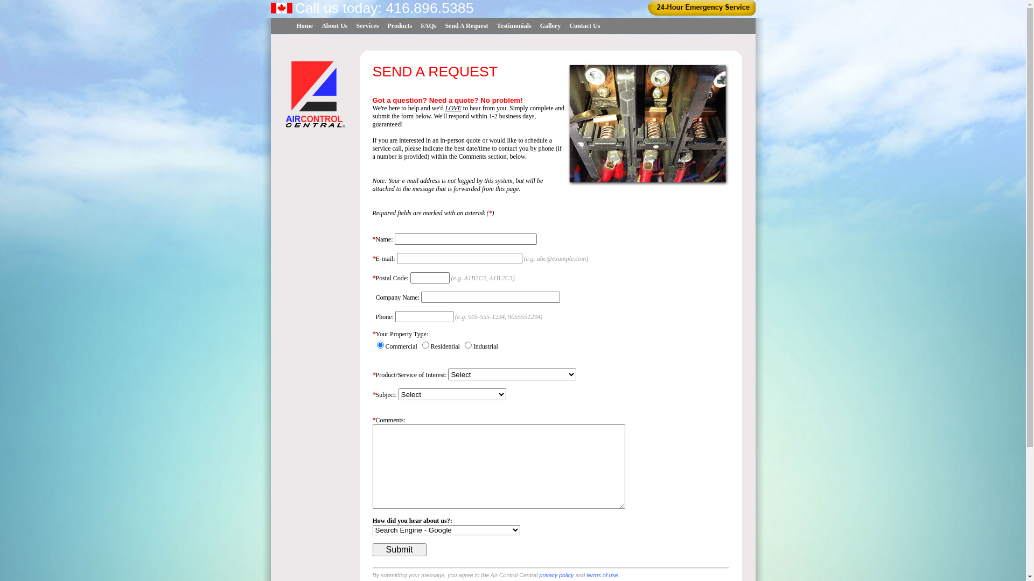 This screenshot has width=1034, height=581. I want to click on 'Gallery', so click(550, 25).